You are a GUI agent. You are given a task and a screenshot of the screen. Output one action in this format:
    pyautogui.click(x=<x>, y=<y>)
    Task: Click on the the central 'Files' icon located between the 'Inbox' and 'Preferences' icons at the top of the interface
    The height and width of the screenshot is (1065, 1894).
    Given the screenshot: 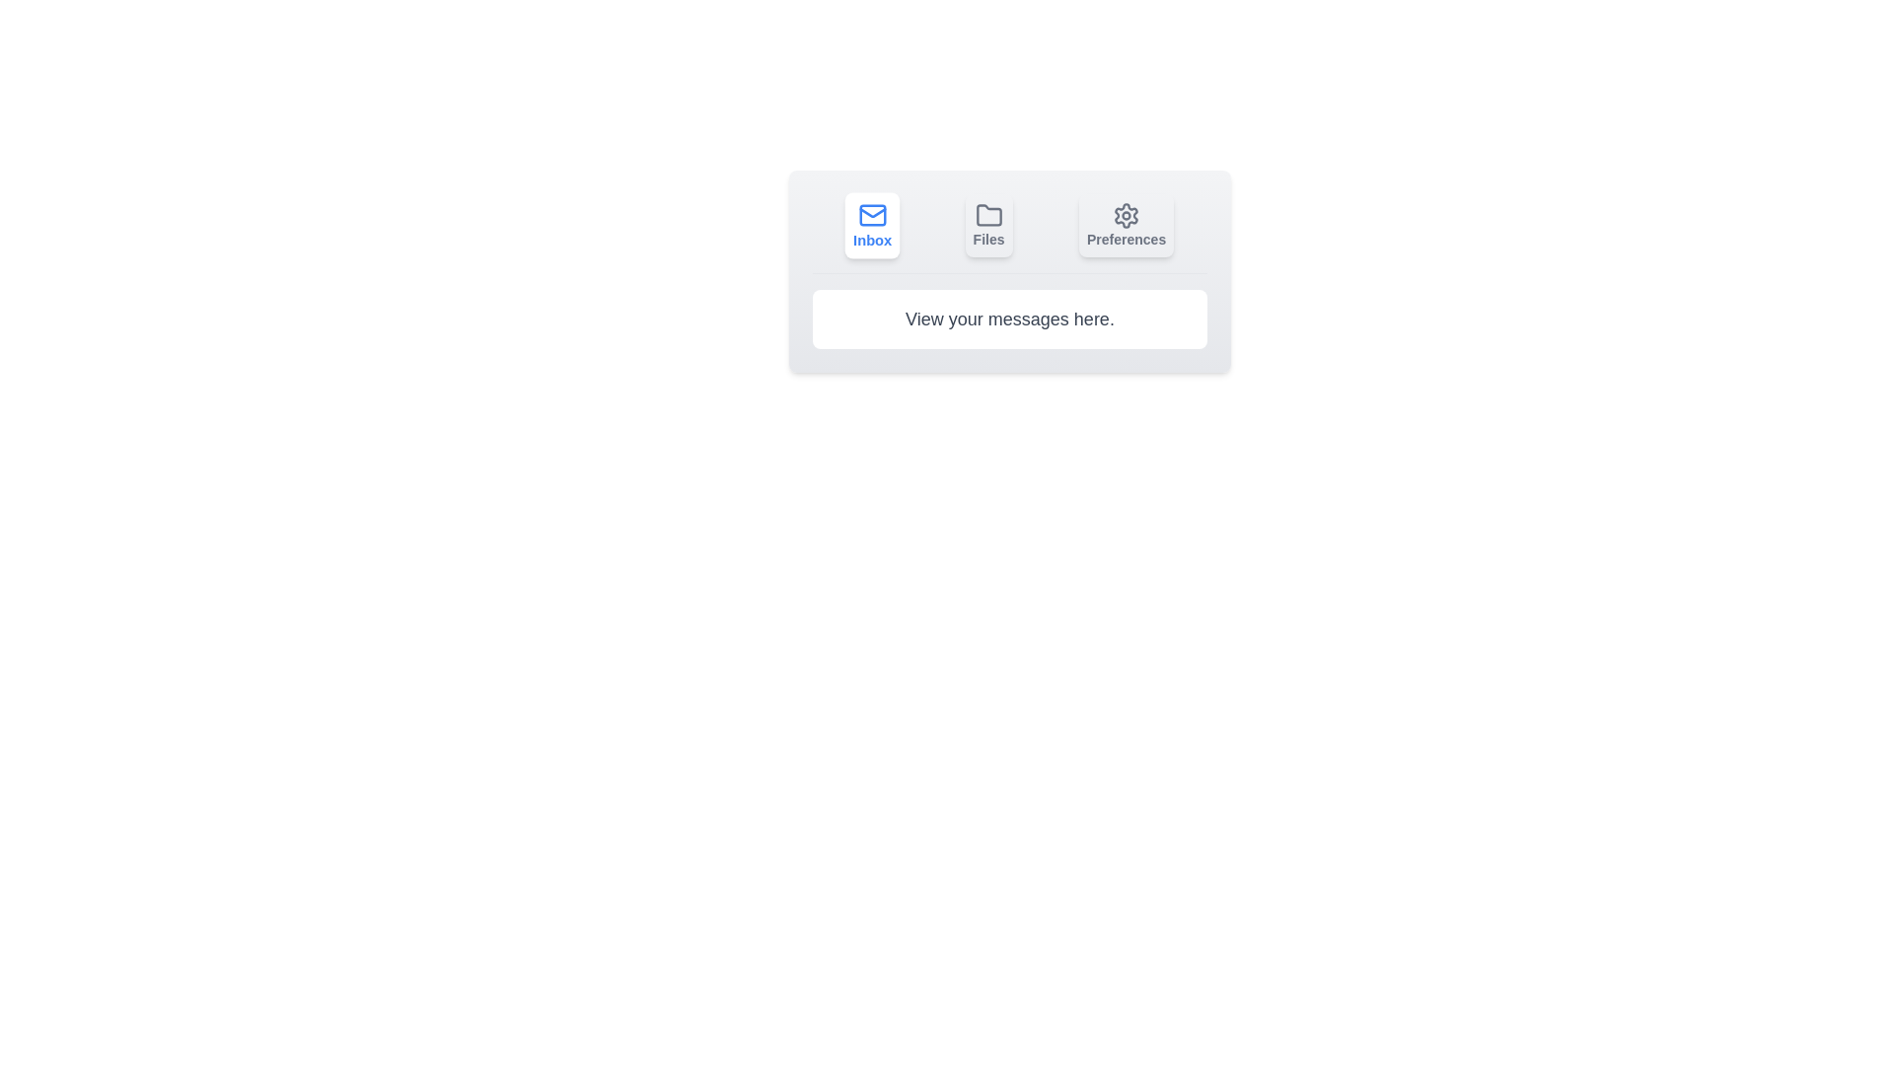 What is the action you would take?
    pyautogui.click(x=988, y=215)
    